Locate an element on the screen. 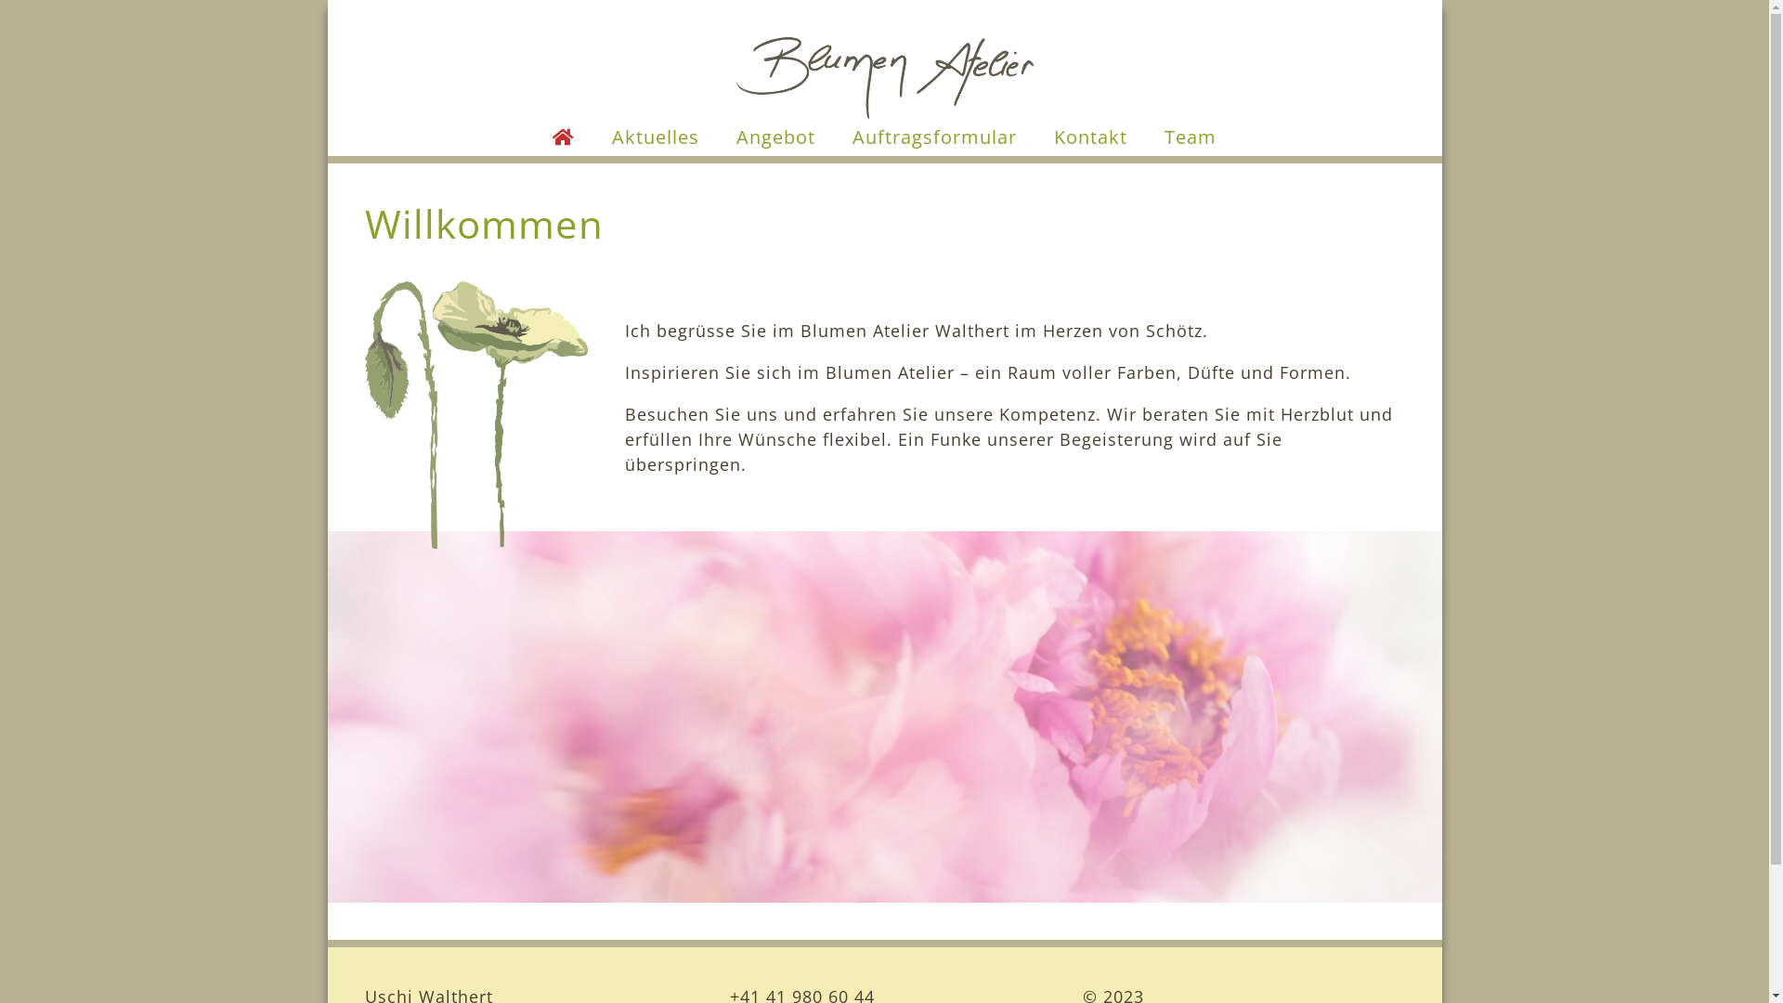  'Team' is located at coordinates (1190, 136).